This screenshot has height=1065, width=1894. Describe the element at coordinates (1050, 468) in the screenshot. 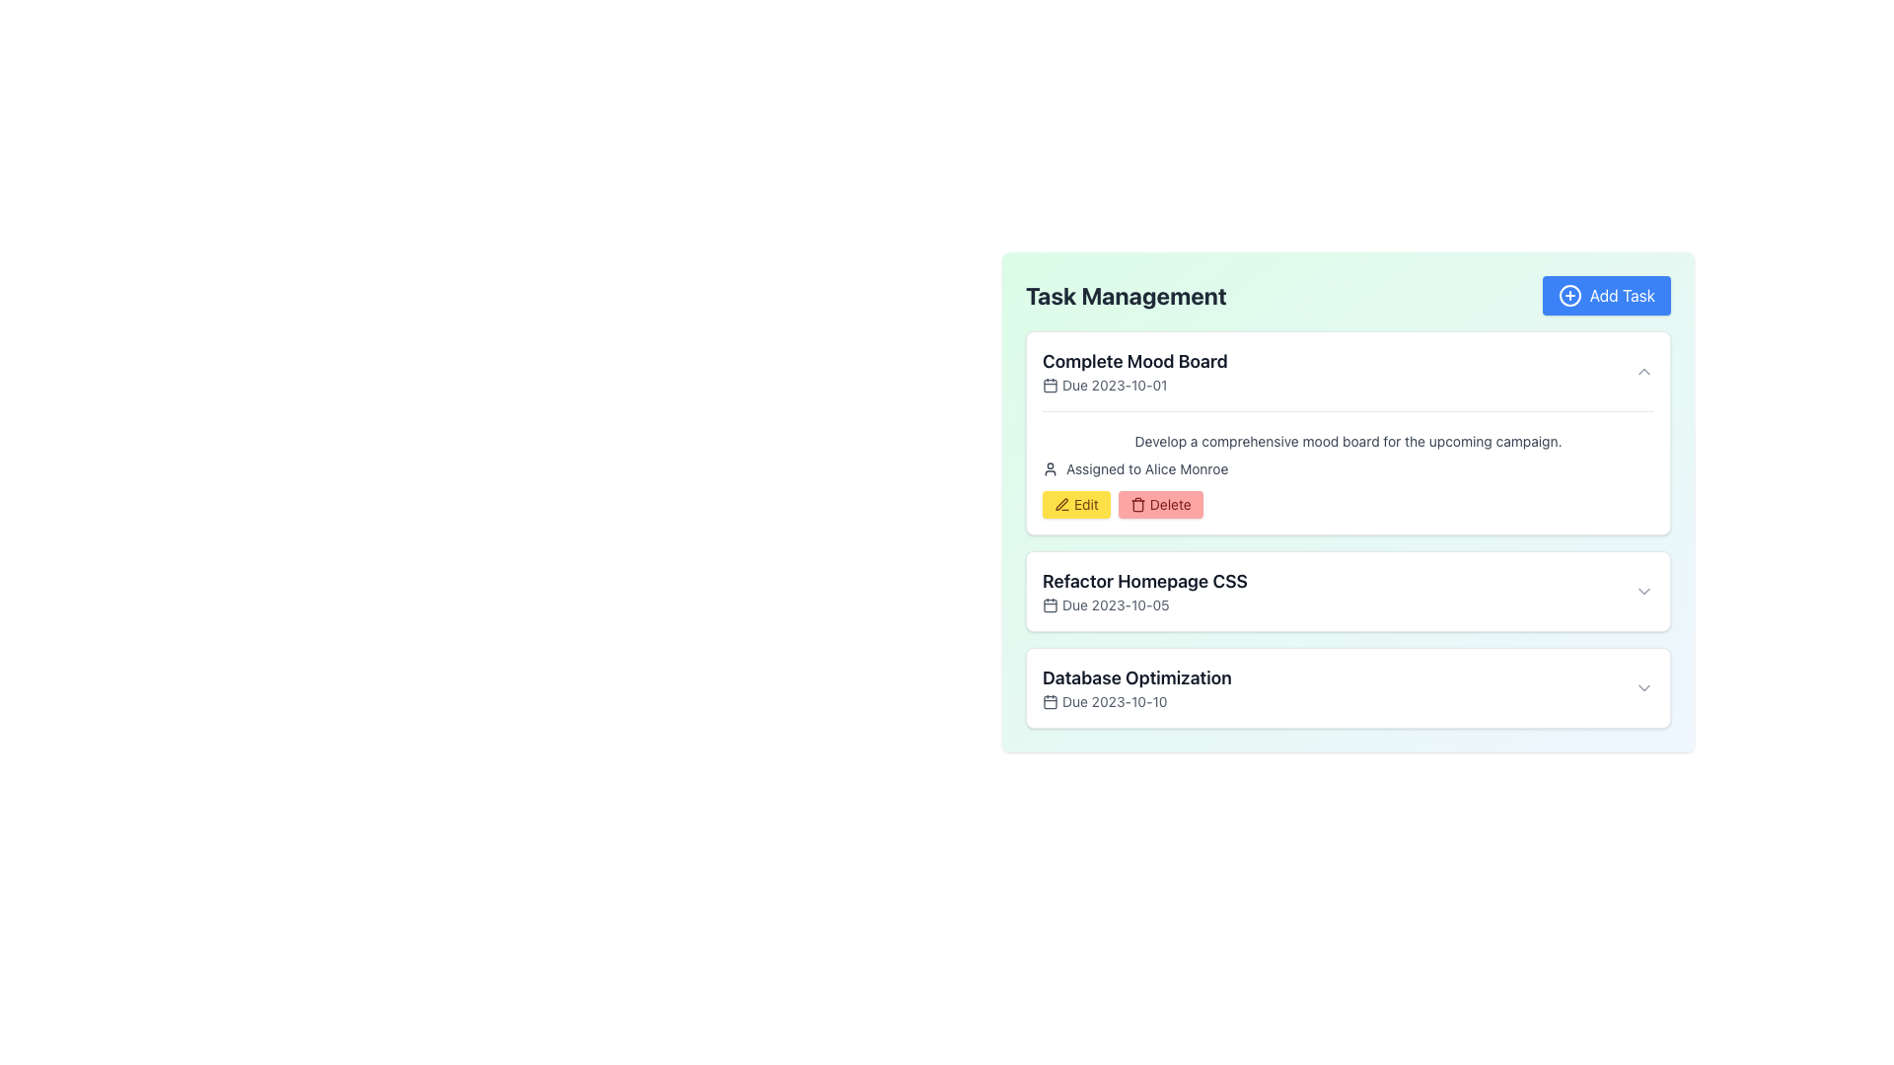

I see `the user assignment icon located to the left of the label 'Assigned to Alice Monroe' in the 'Complete Mood Board' section` at that location.